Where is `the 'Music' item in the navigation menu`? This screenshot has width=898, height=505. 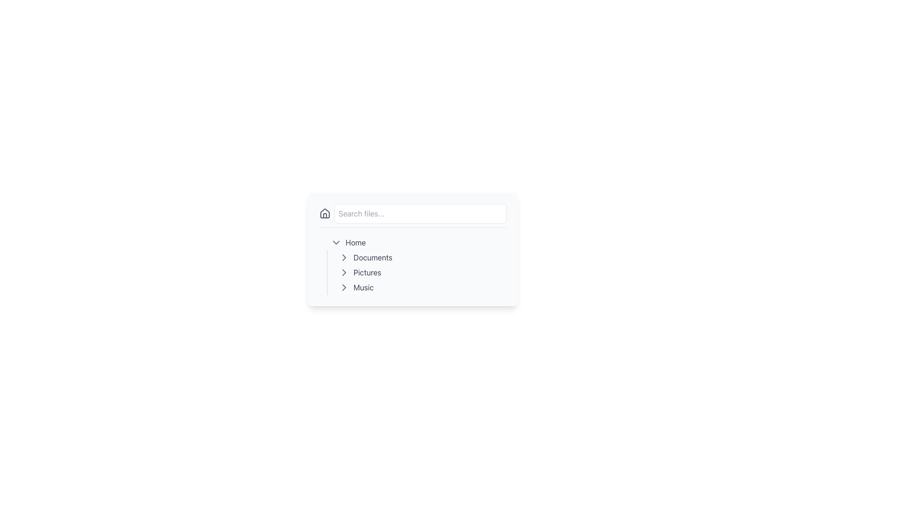 the 'Music' item in the navigation menu is located at coordinates (420, 287).